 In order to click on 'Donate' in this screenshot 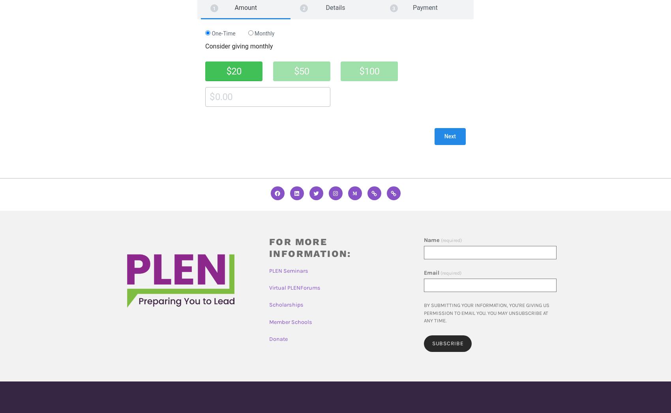, I will do `click(269, 339)`.